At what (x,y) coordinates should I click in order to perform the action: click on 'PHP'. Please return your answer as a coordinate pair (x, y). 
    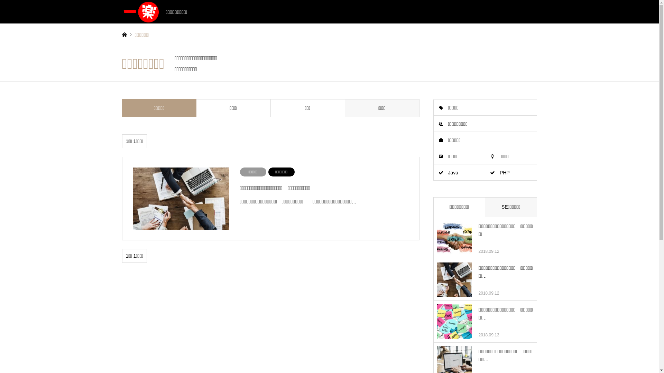
    Looking at the image, I should click on (485, 172).